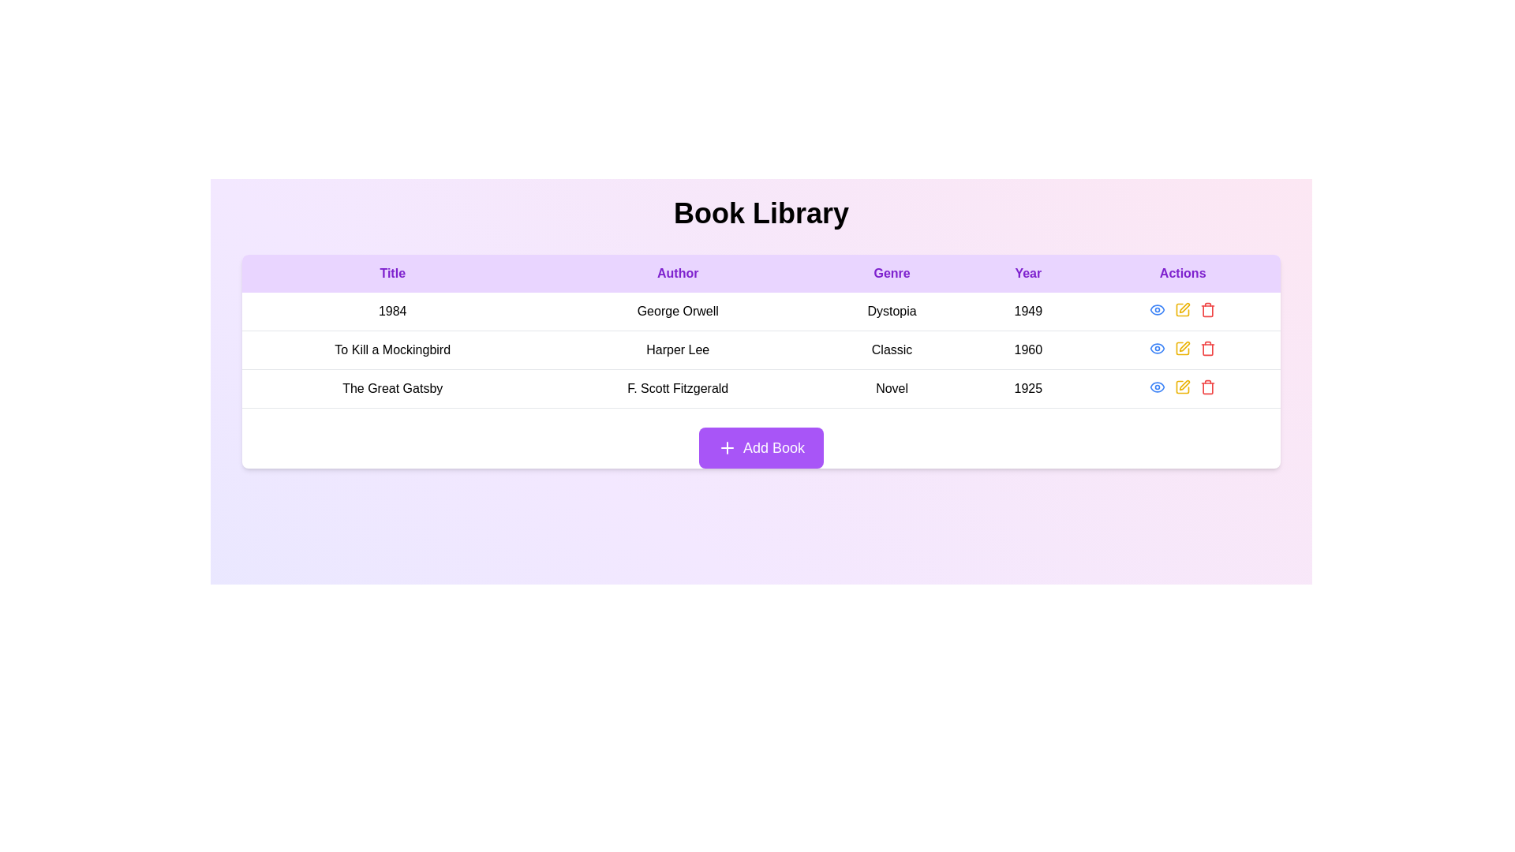 The image size is (1515, 852). What do you see at coordinates (761, 349) in the screenshot?
I see `the second row in the table that contains the book 'To Kill a Mockingbird' by Harper Lee, categorized as a 'Classic' published in '1960'` at bounding box center [761, 349].